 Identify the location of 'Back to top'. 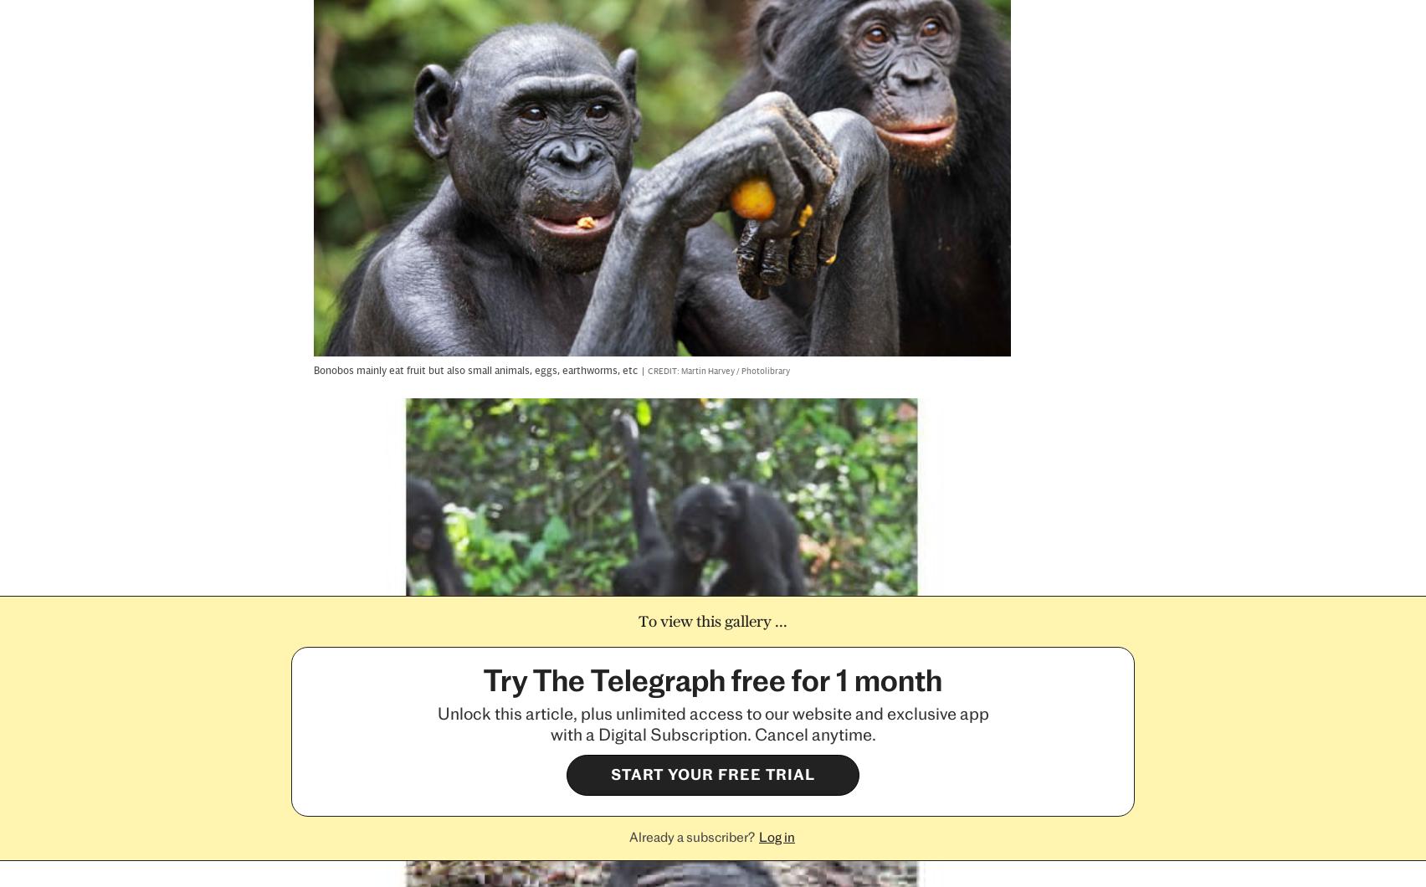
(1274, 618).